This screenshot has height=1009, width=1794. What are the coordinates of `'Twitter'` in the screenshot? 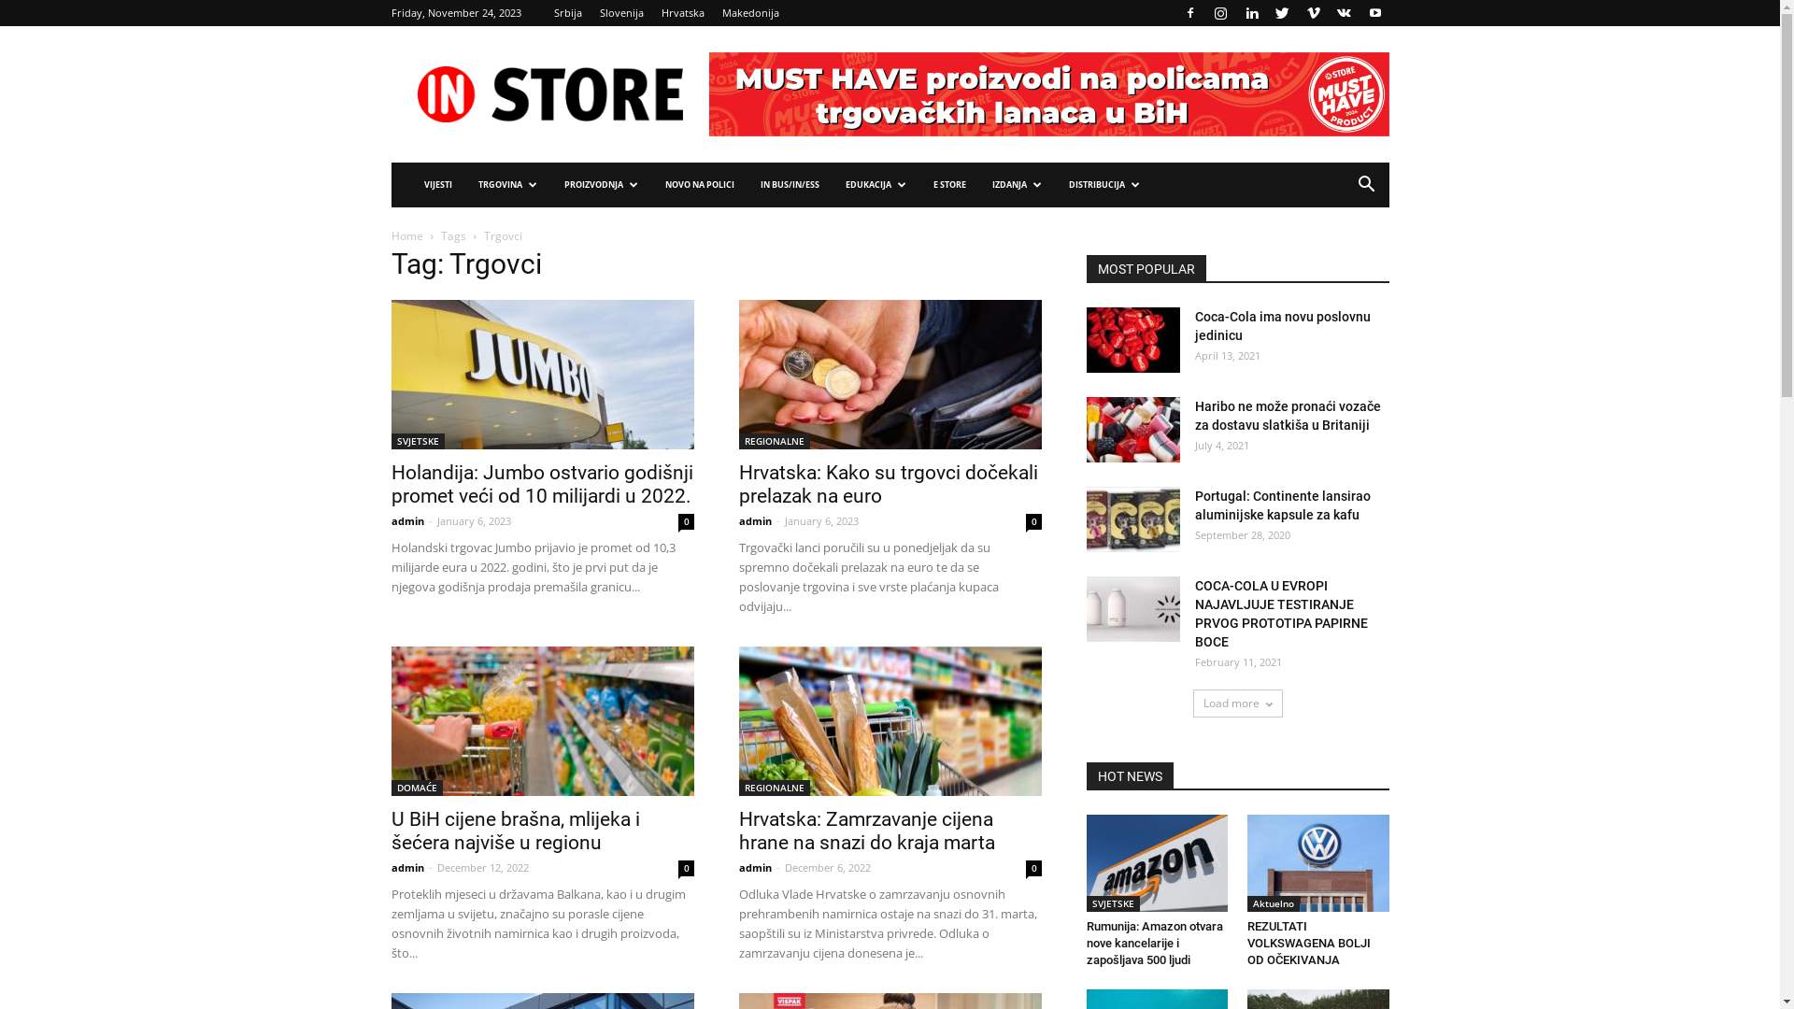 It's located at (1281, 13).